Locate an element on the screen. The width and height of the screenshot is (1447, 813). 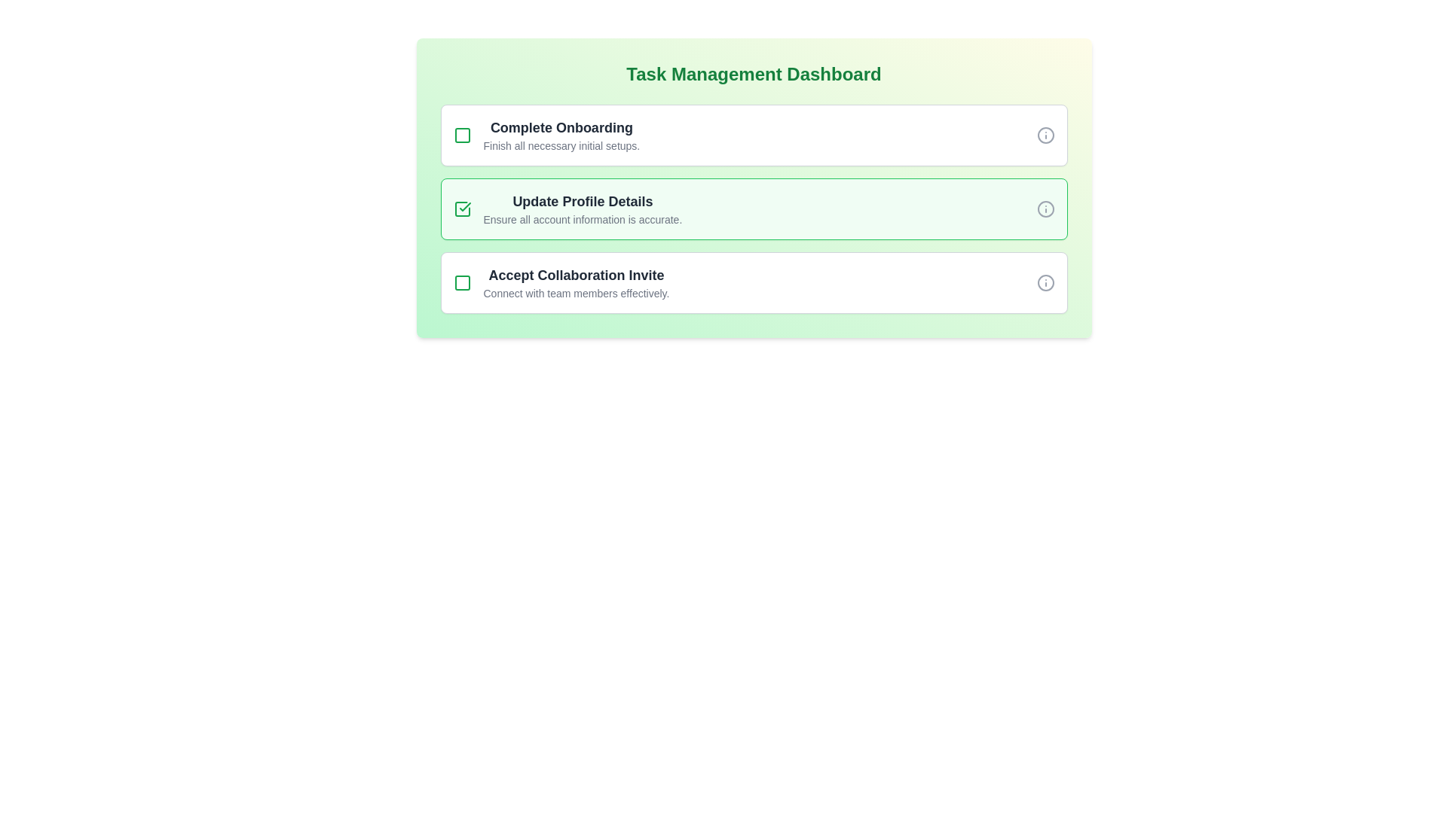
the unchecked task graphic icon (SVG square) located within the third task card titled 'Accept Collaboration Invite.' is located at coordinates (461, 282).